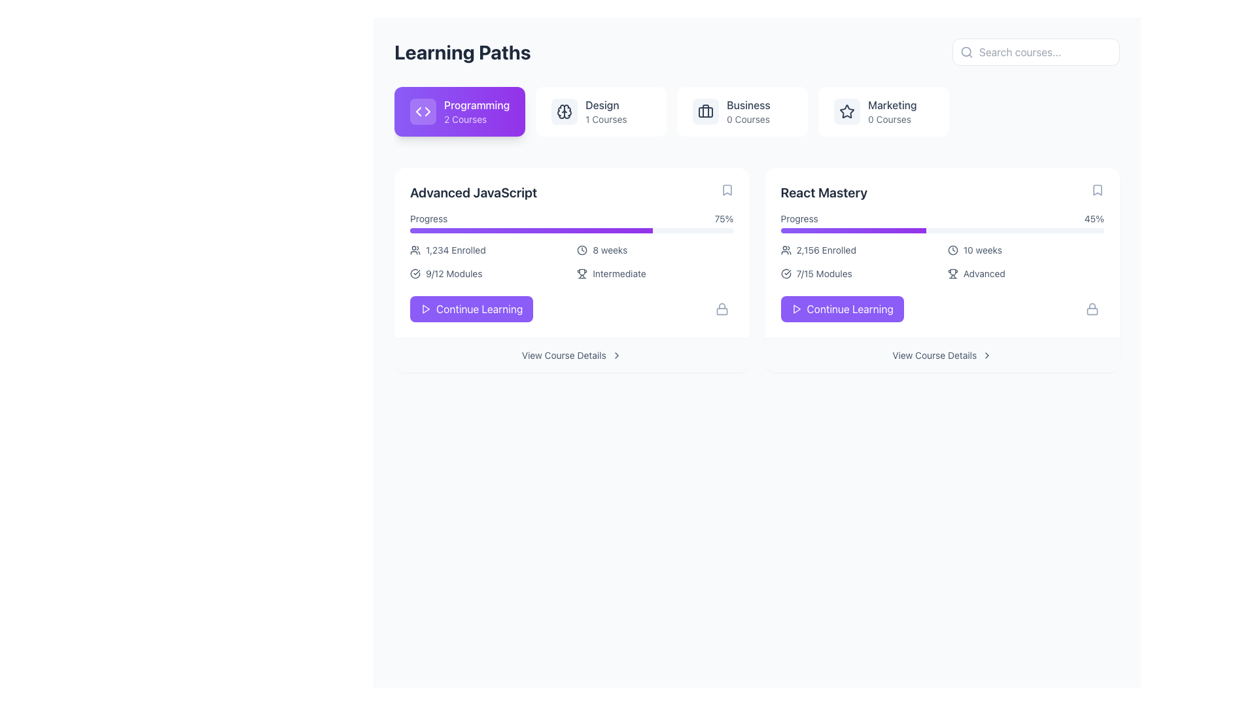 The width and height of the screenshot is (1256, 706). I want to click on the star-shaped icon located under the 'Marketing' section header in the Learning Paths interface, so click(847, 110).